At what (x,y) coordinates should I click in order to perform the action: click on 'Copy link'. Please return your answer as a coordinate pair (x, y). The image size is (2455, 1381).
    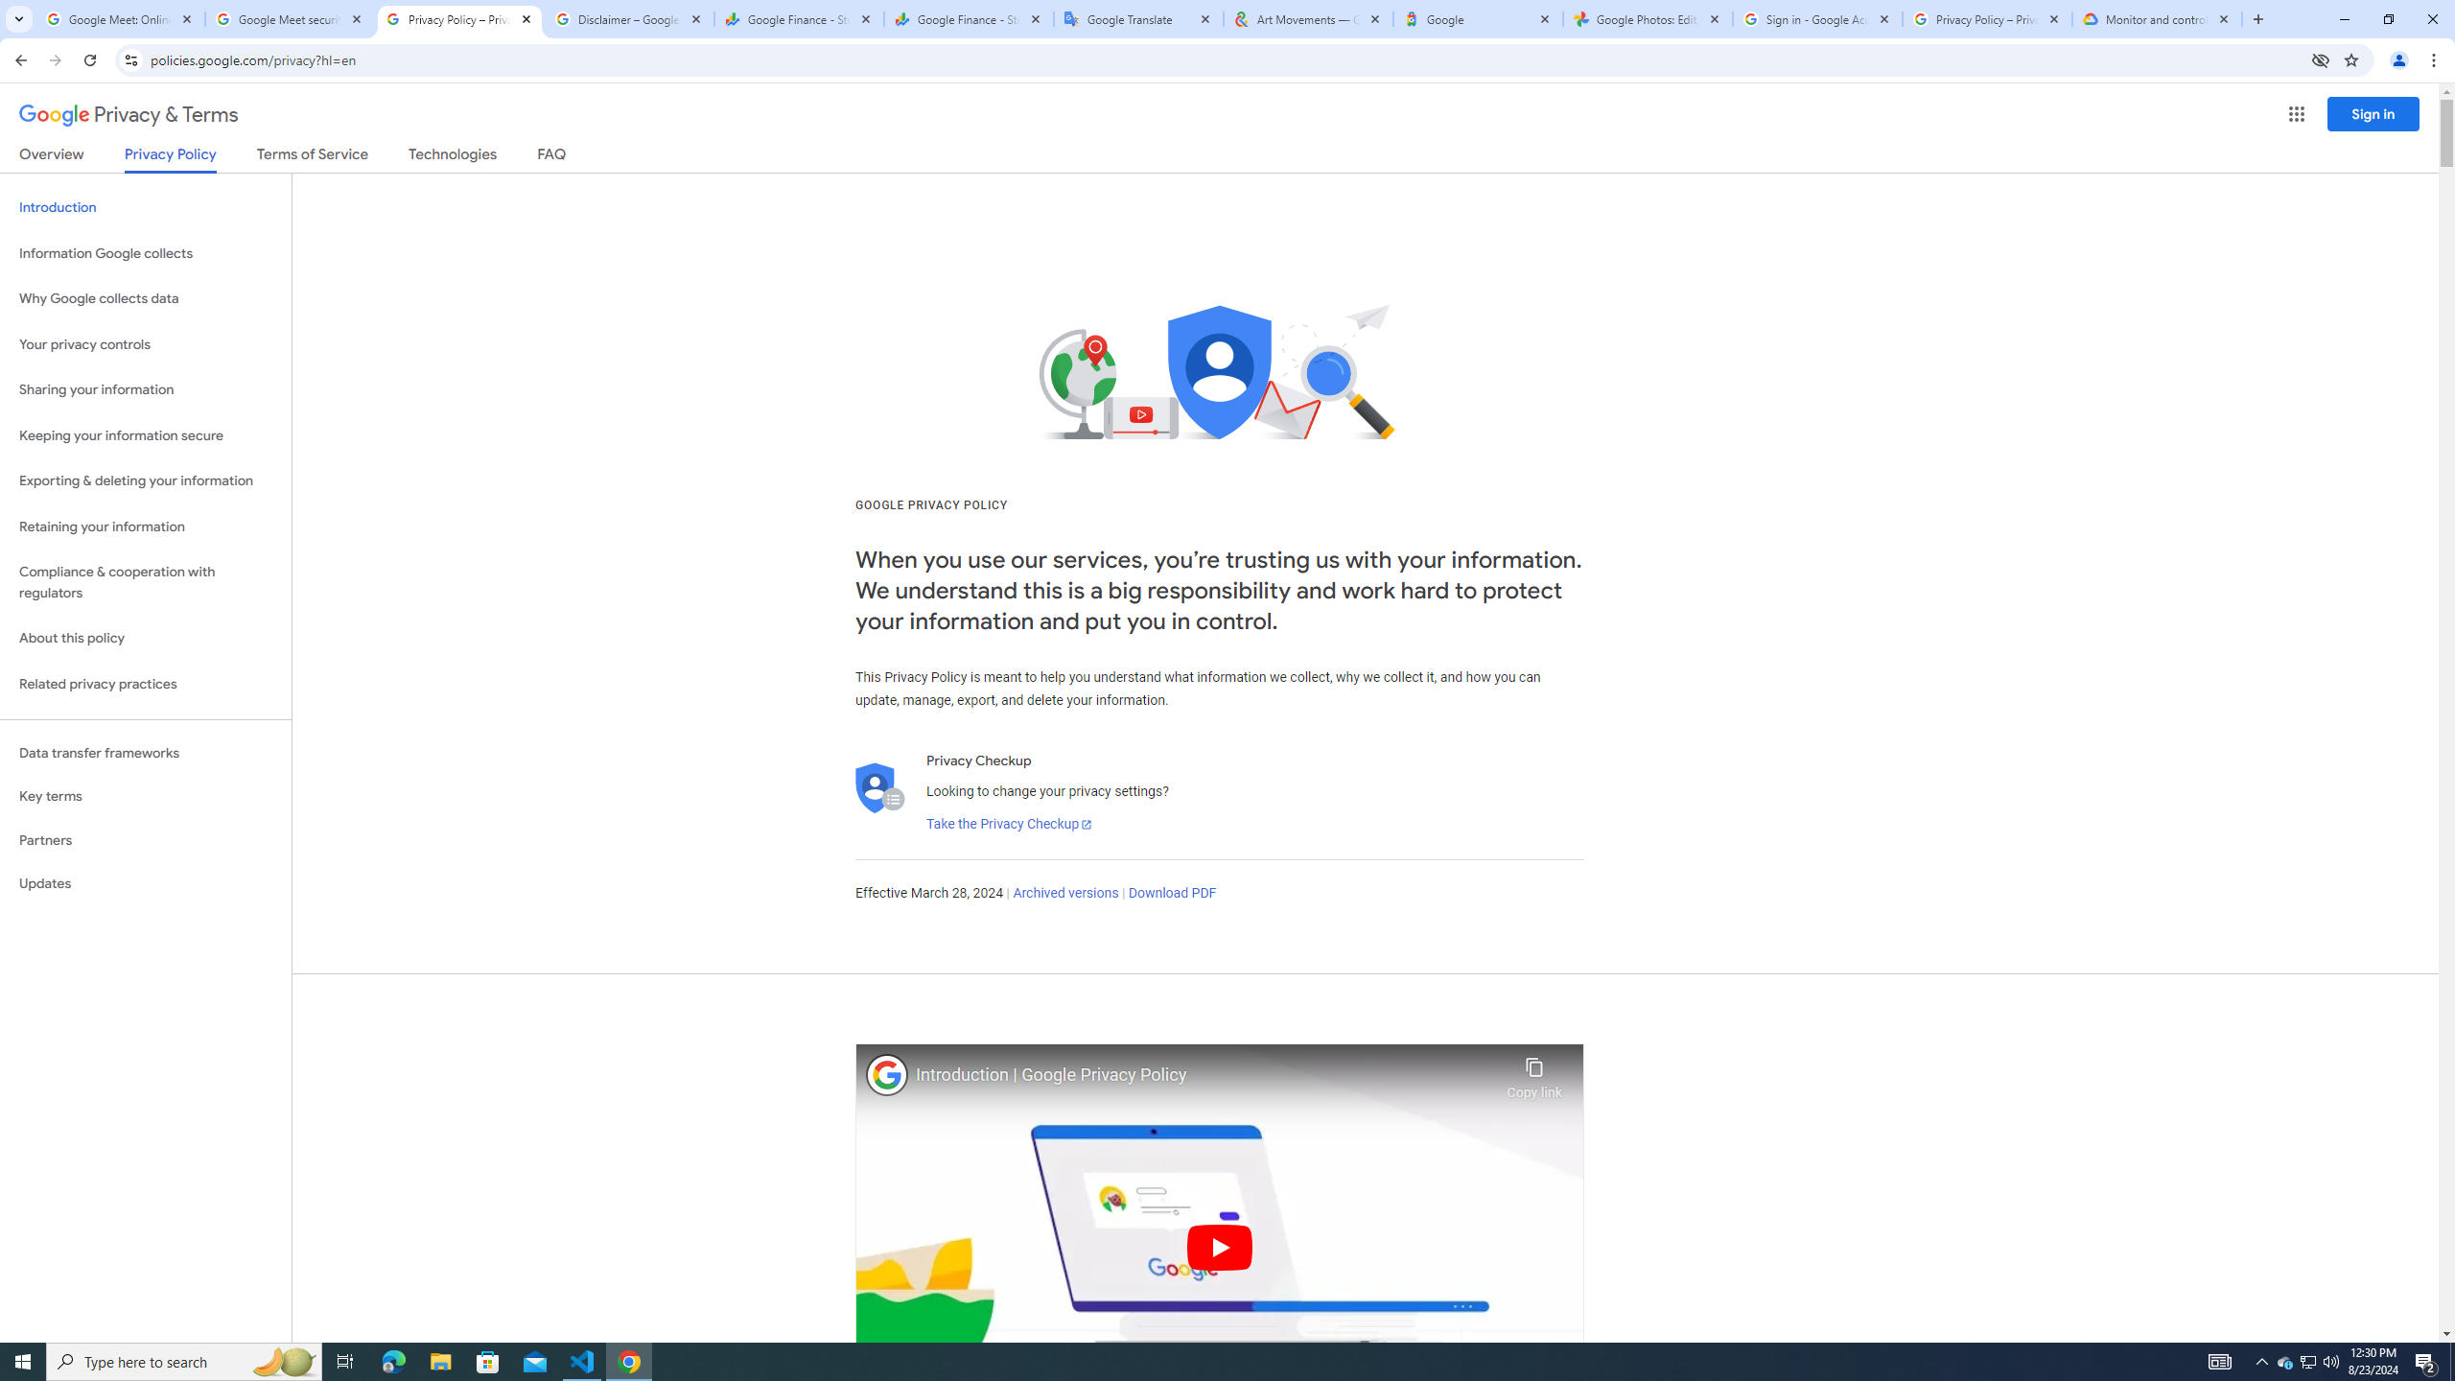
    Looking at the image, I should click on (1533, 1072).